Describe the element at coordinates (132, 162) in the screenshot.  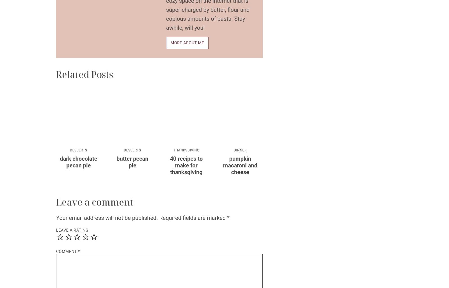
I see `'Butter Pecan Pie'` at that location.